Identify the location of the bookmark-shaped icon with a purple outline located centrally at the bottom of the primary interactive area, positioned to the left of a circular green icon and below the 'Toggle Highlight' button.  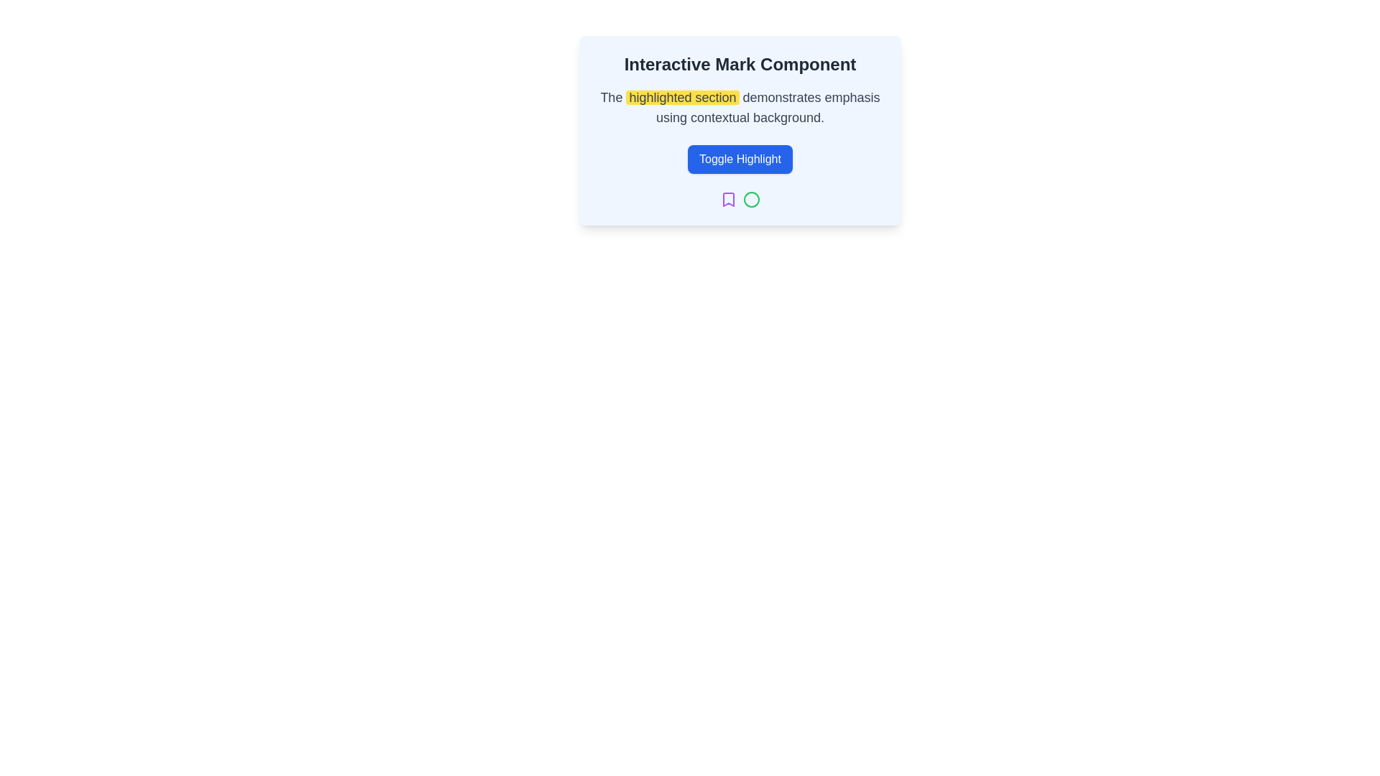
(728, 199).